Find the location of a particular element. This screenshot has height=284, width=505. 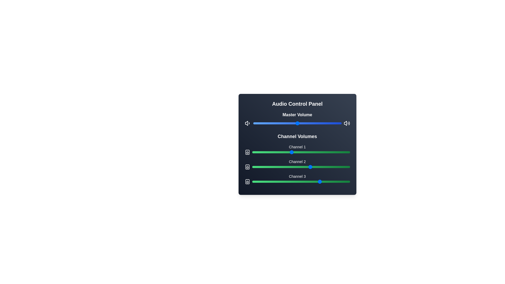

the slider value is located at coordinates (252, 181).